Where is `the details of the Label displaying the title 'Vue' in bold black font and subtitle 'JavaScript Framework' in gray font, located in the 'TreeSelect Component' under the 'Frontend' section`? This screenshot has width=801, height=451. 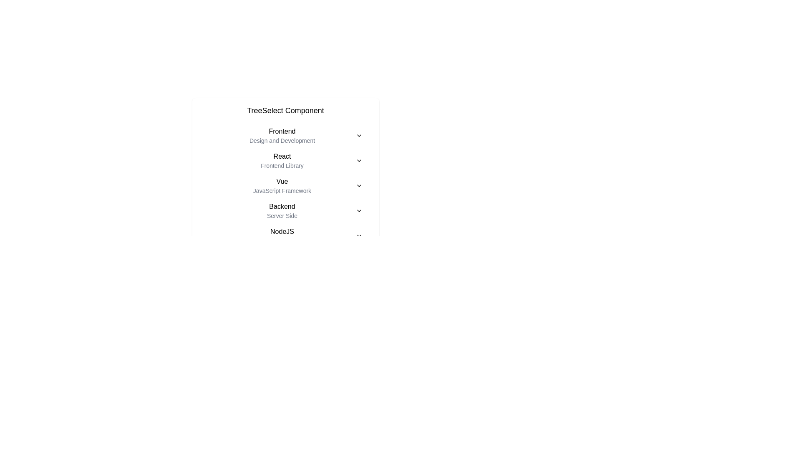
the details of the Label displaying the title 'Vue' in bold black font and subtitle 'JavaScript Framework' in gray font, located in the 'TreeSelect Component' under the 'Frontend' section is located at coordinates (282, 185).